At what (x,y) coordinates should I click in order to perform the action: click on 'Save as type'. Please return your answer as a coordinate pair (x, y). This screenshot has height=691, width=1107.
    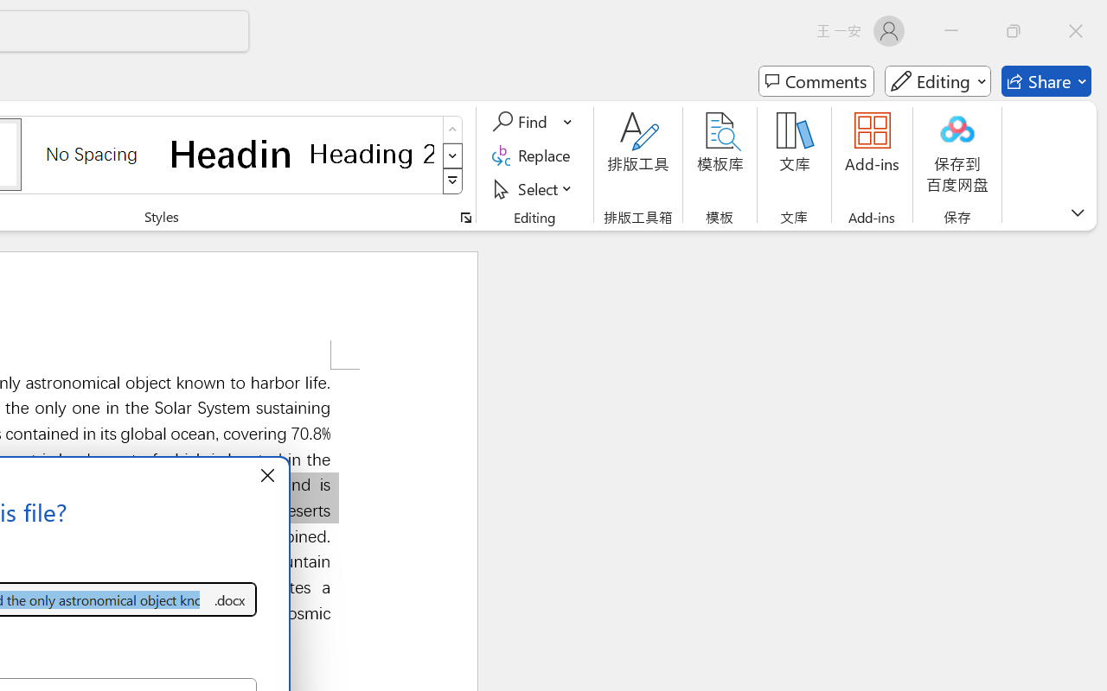
    Looking at the image, I should click on (228, 599).